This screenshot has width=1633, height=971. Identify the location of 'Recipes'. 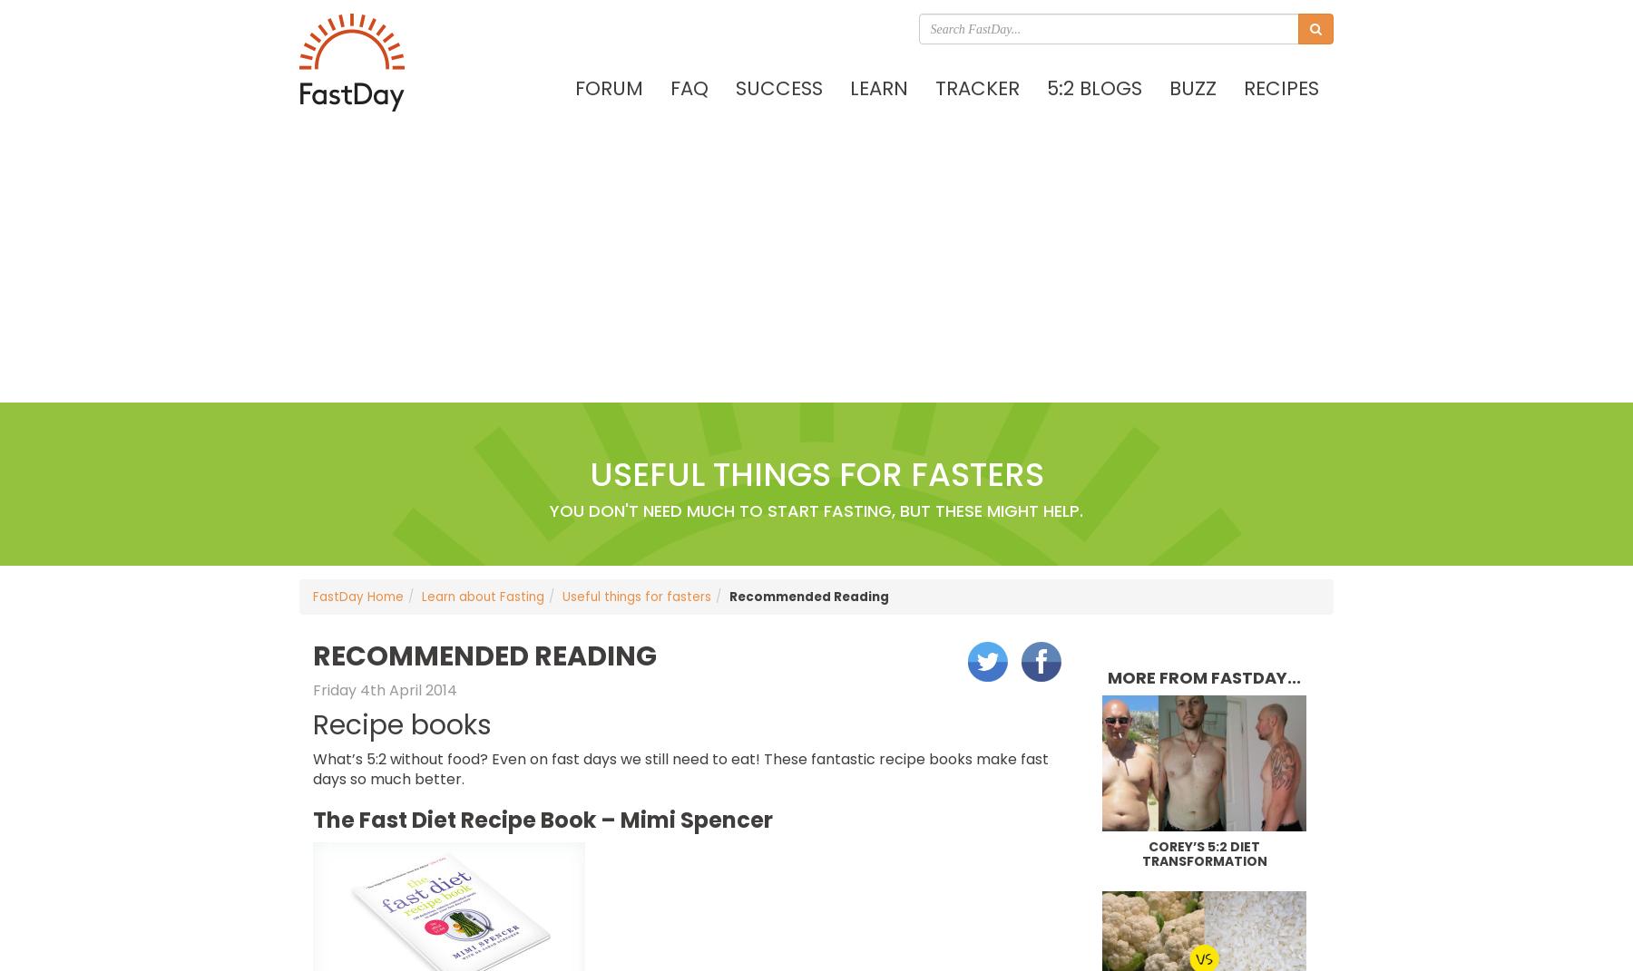
(1280, 87).